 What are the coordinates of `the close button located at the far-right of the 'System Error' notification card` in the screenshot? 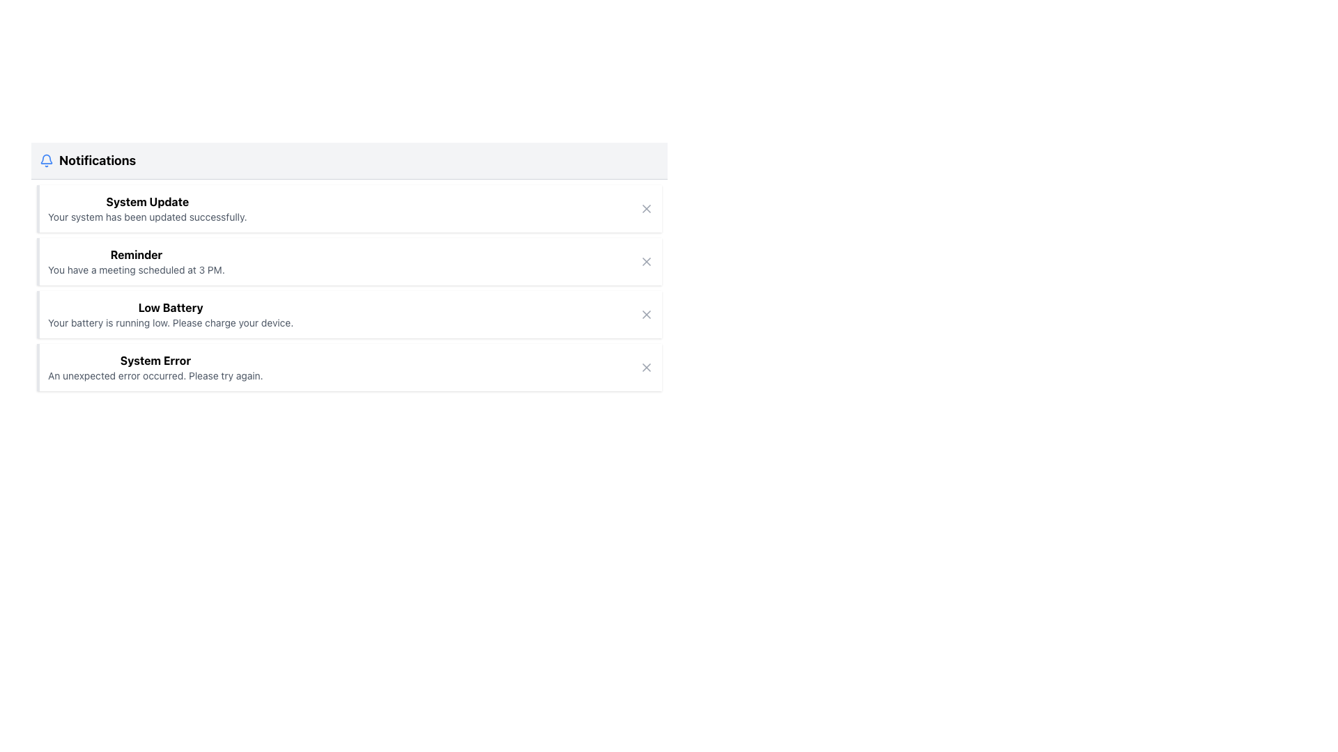 It's located at (645, 367).